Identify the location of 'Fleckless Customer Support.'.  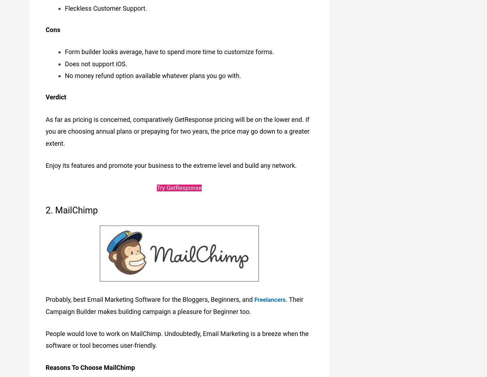
(106, 7).